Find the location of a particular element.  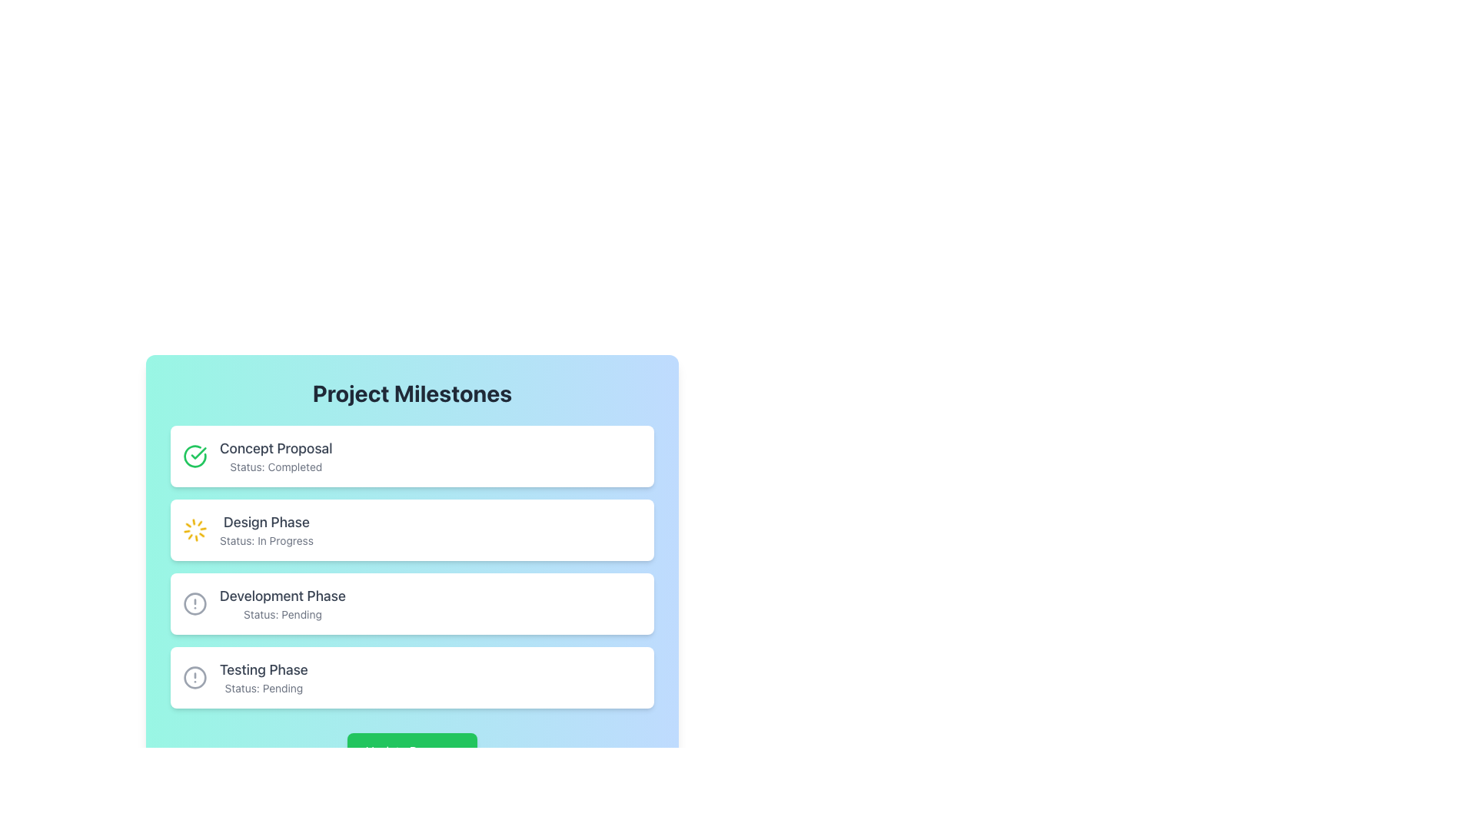

the animated yellow circular icon that indicates the design phase status, located to the left of the 'Design Phase Status: In Progress' text within the milestone card is located at coordinates (194, 530).